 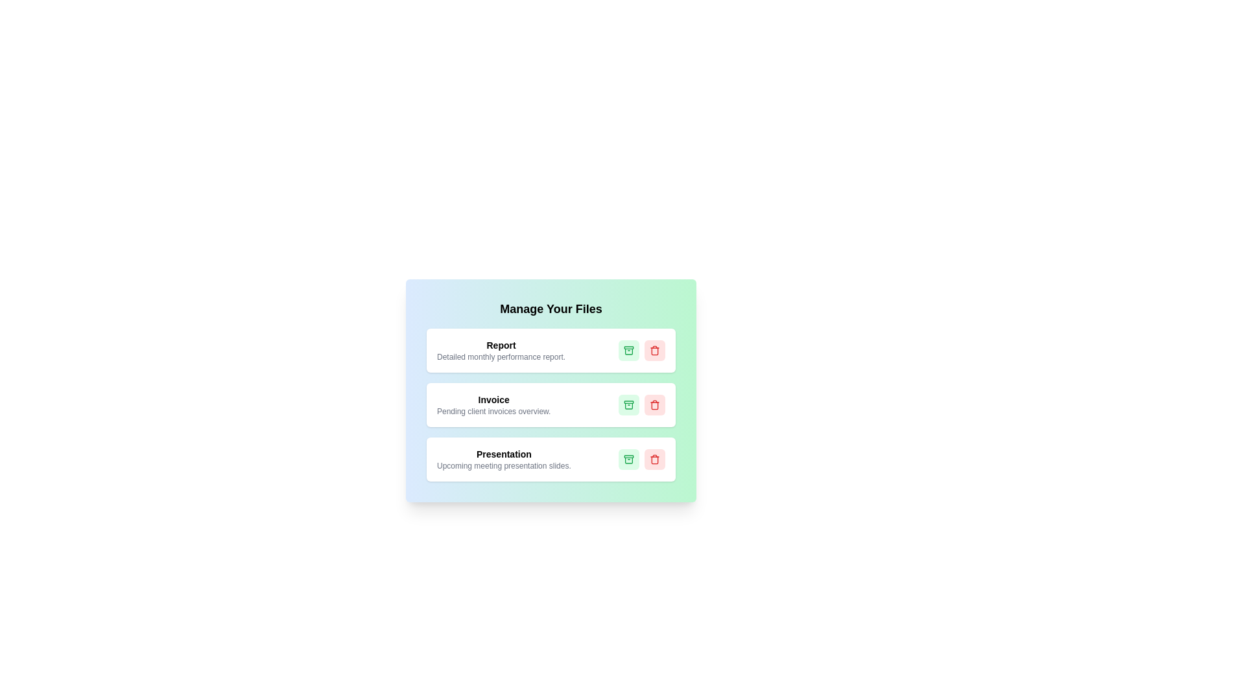 I want to click on archive button for the card titled 'Report', so click(x=628, y=350).